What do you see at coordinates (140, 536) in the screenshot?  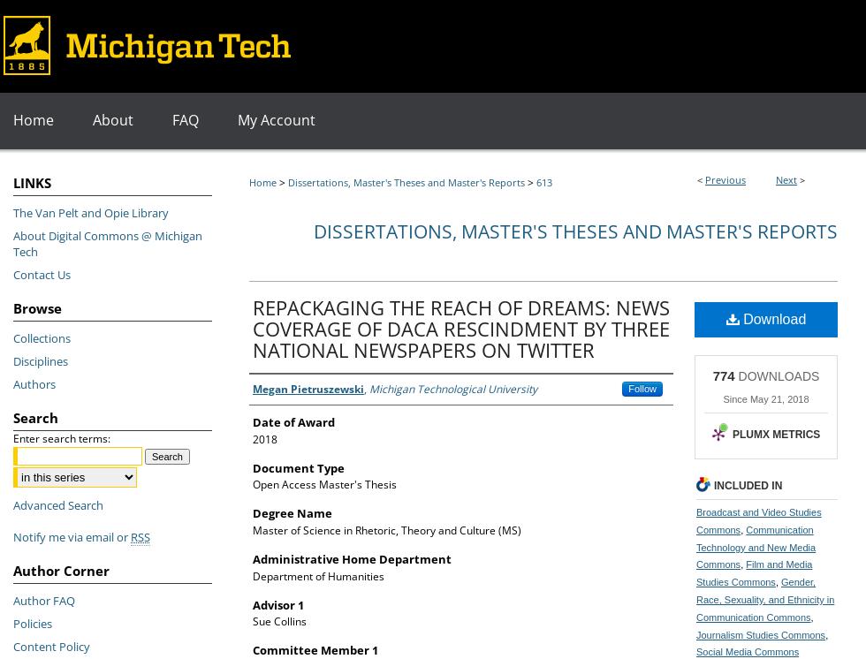 I see `'RSS'` at bounding box center [140, 536].